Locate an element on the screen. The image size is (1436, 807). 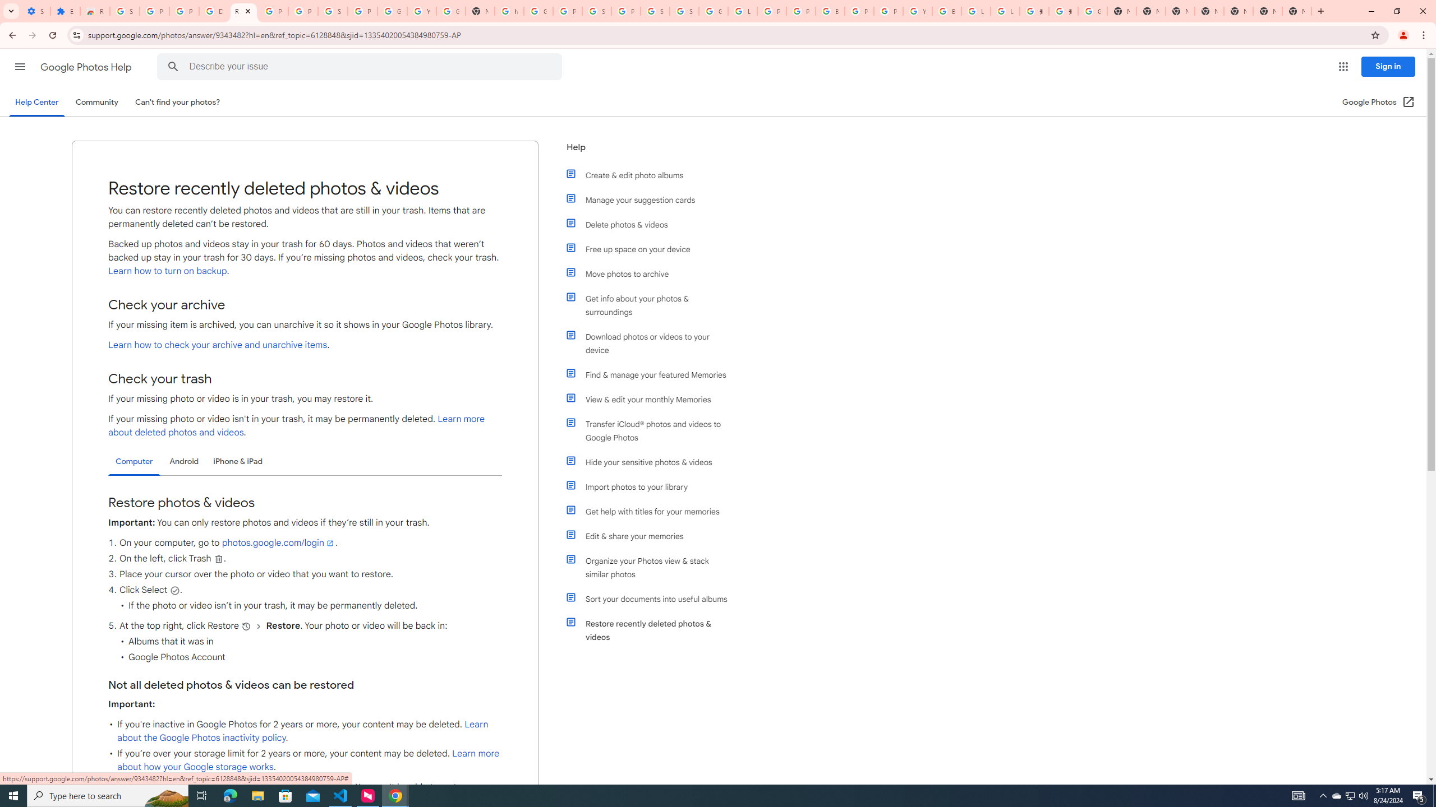
'Free up space on your device' is located at coordinates (652, 249).